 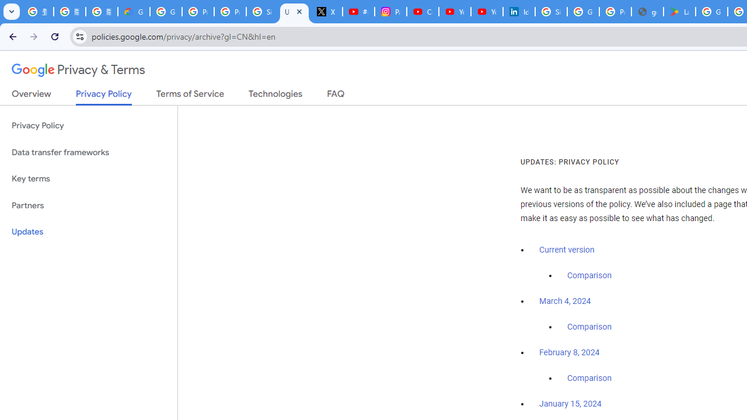 What do you see at coordinates (190, 96) in the screenshot?
I see `'Terms of Service'` at bounding box center [190, 96].